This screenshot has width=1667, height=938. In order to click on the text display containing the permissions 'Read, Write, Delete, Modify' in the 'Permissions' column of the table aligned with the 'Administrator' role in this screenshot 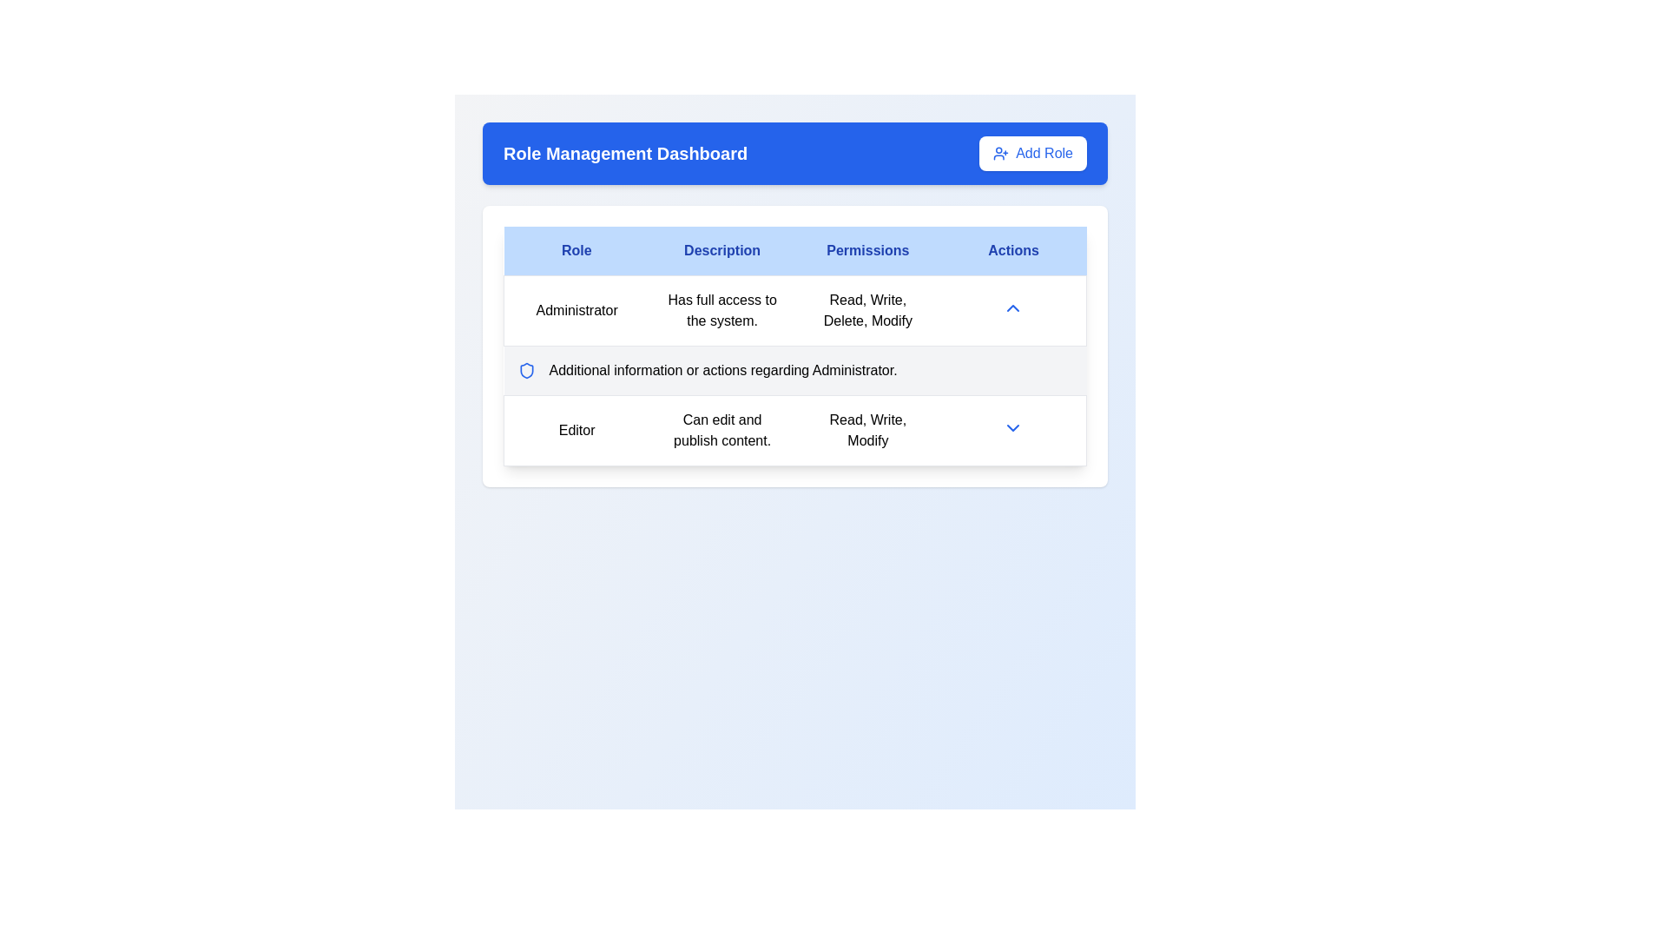, I will do `click(867, 310)`.